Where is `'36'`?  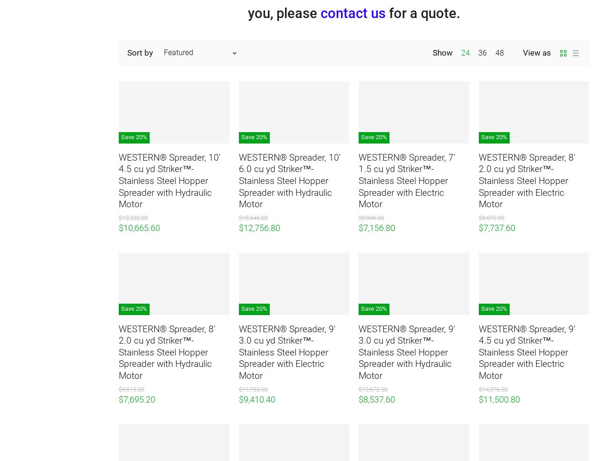
'36' is located at coordinates (482, 52).